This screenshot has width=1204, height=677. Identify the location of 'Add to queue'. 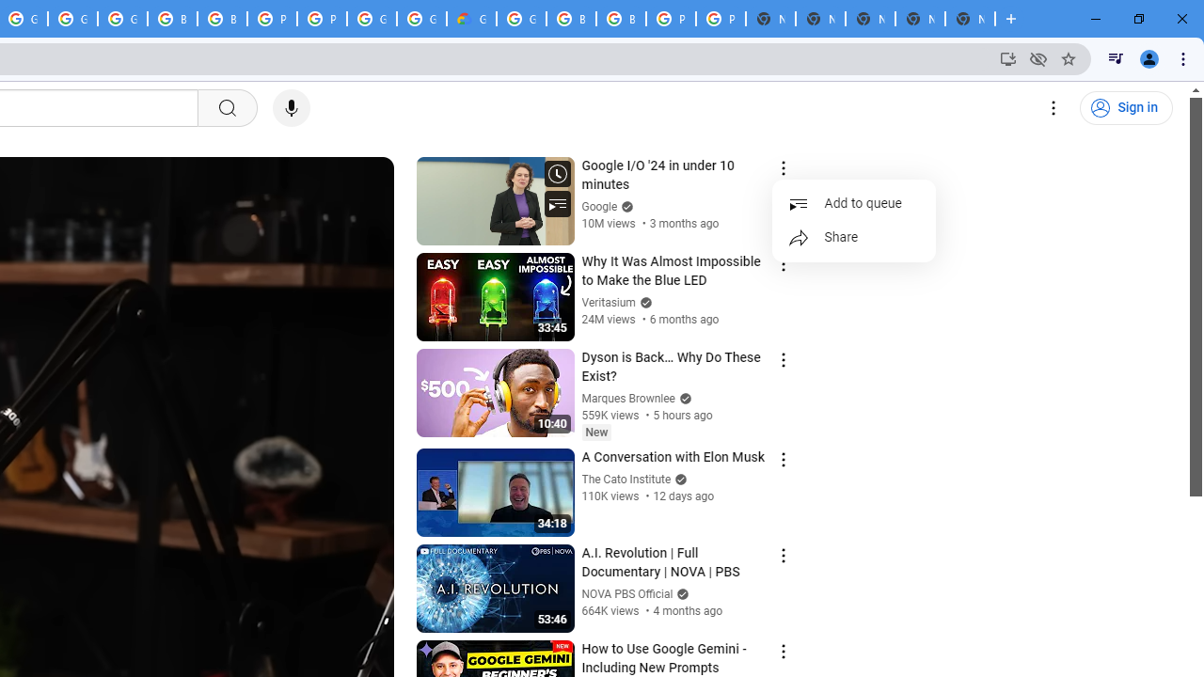
(853, 203).